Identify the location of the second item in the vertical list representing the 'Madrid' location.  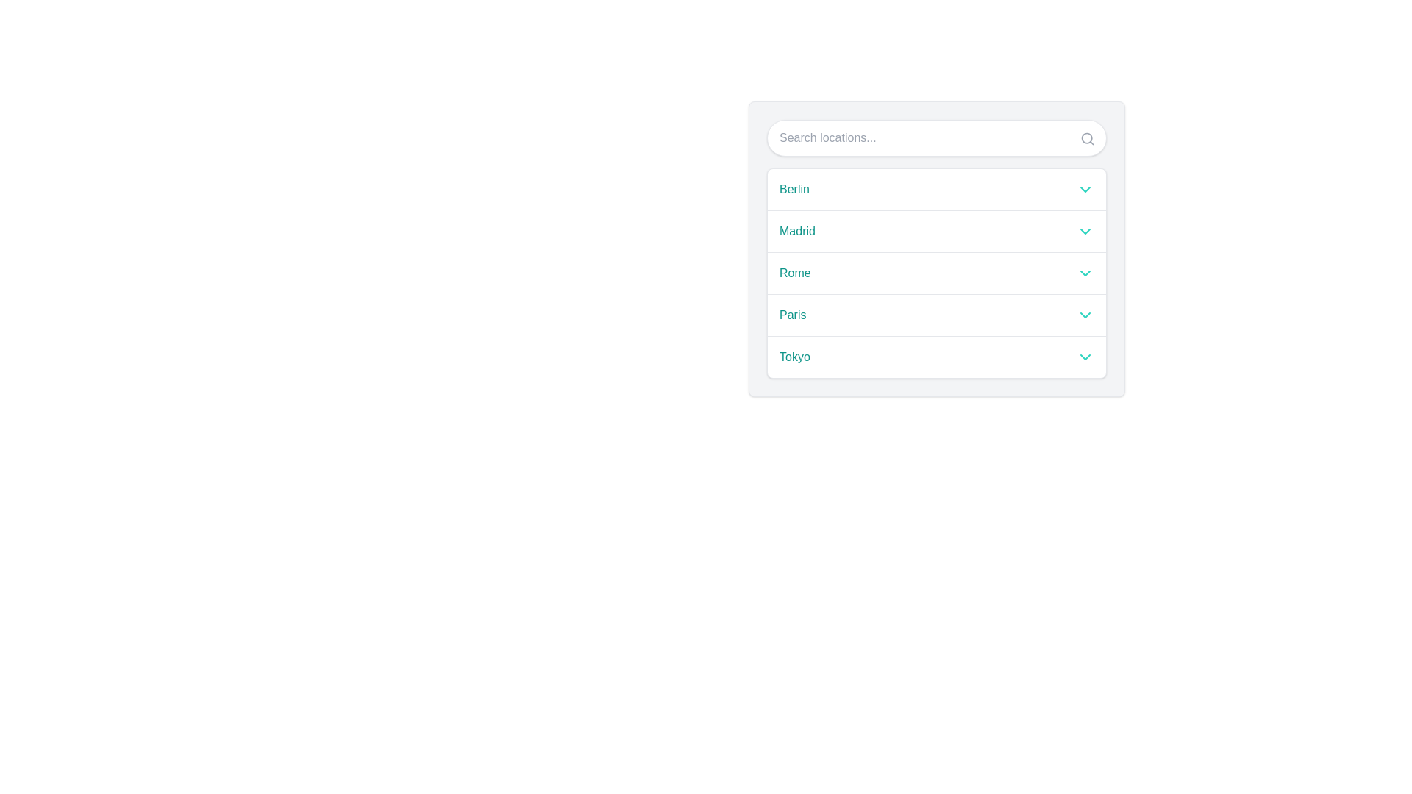
(935, 248).